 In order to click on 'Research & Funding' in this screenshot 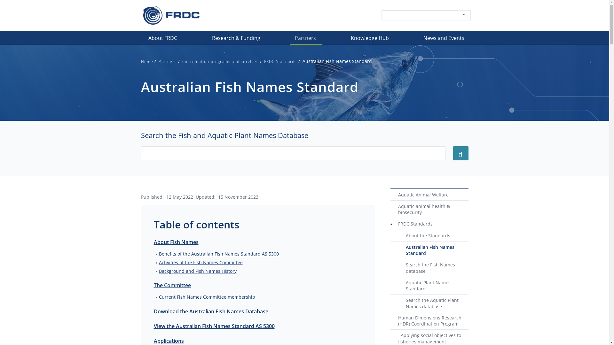, I will do `click(236, 39)`.